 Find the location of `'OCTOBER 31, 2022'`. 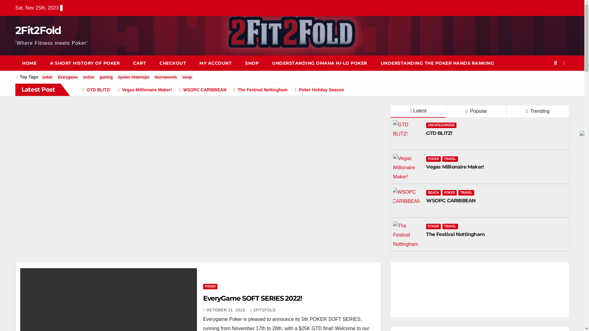

'OCTOBER 31, 2022' is located at coordinates (226, 310).